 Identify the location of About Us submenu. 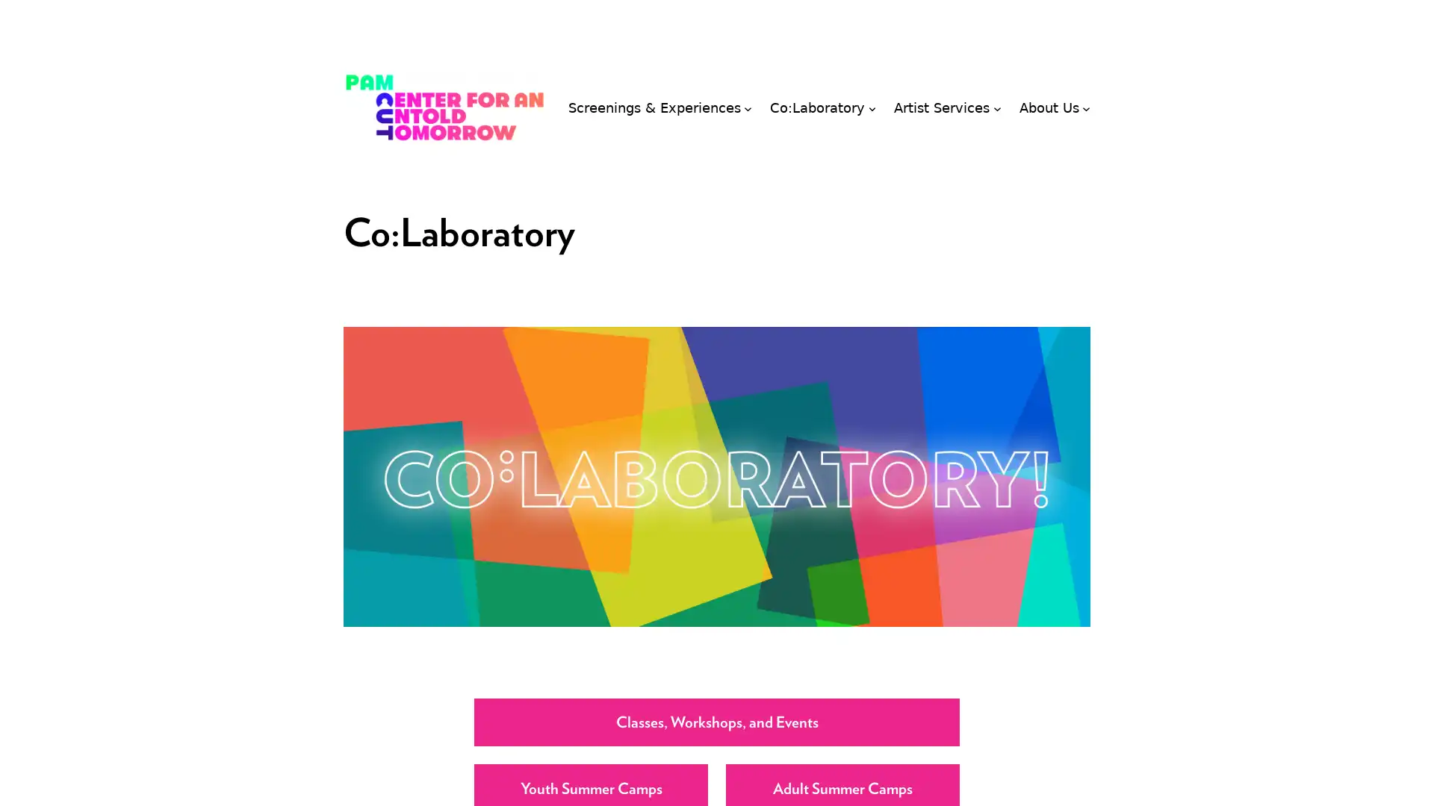
(1086, 107).